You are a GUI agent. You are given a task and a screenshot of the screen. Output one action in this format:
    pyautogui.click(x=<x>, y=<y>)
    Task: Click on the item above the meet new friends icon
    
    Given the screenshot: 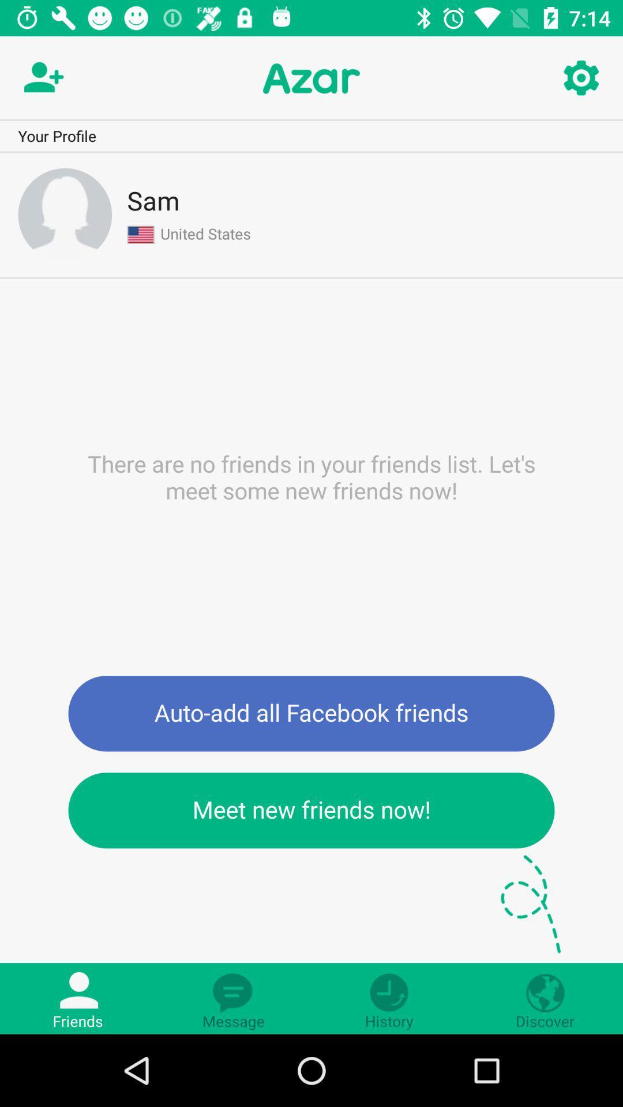 What is the action you would take?
    pyautogui.click(x=311, y=713)
    